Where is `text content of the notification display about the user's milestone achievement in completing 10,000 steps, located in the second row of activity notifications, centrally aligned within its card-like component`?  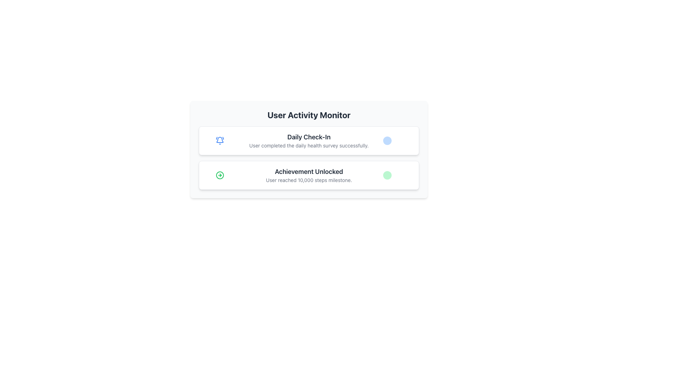
text content of the notification display about the user's milestone achievement in completing 10,000 steps, located in the second row of activity notifications, centrally aligned within its card-like component is located at coordinates (309, 175).